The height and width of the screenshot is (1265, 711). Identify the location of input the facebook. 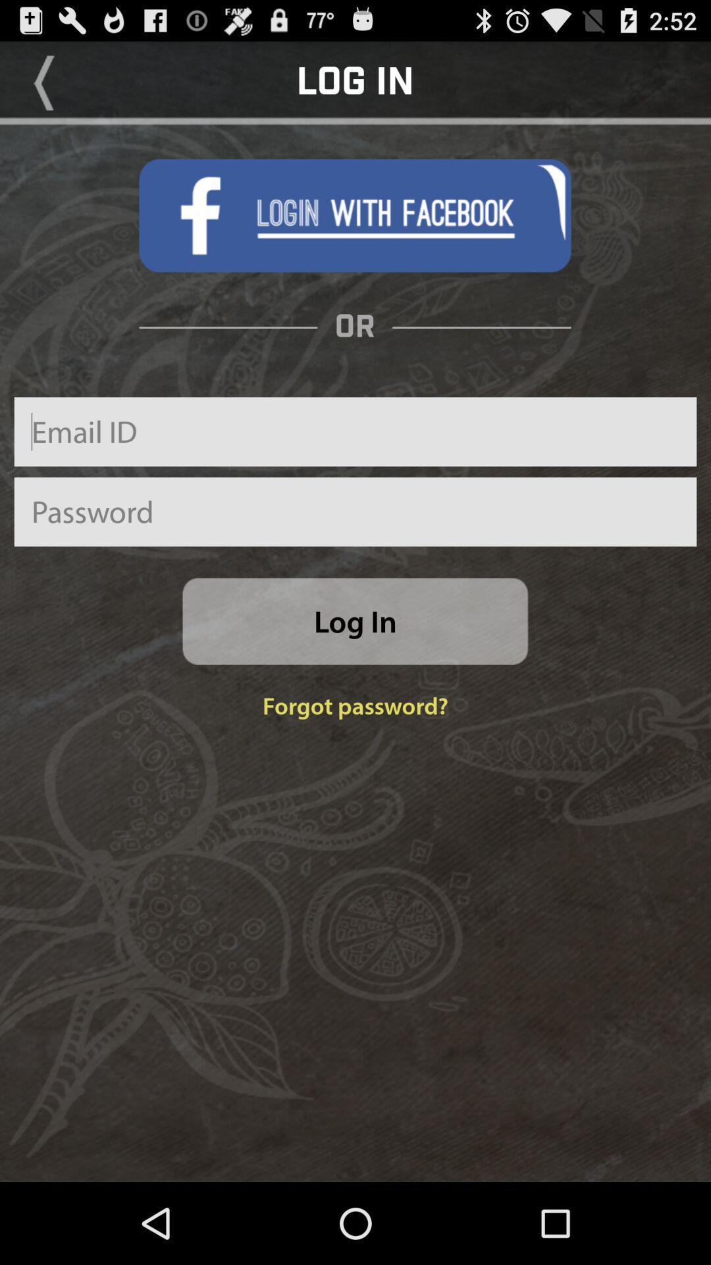
(354, 215).